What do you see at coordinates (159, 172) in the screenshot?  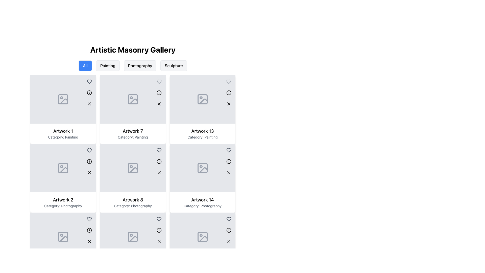 I see `the circular gray button with an 'X' icon located at the bottom-right of the card for 'Artwork 8'` at bounding box center [159, 172].